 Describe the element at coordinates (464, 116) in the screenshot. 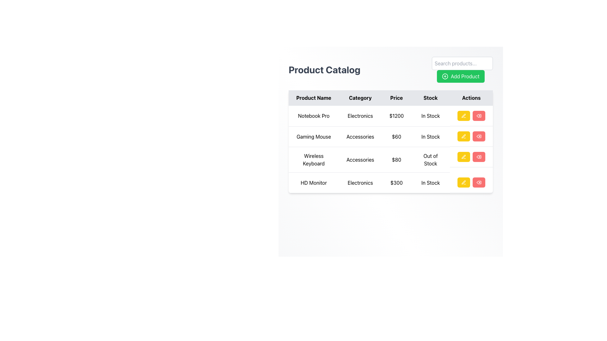

I see `the yellow rectangular button with rounded corners containing a pen icon in the 'Actions' column of the 'Product Catalog' table` at that location.